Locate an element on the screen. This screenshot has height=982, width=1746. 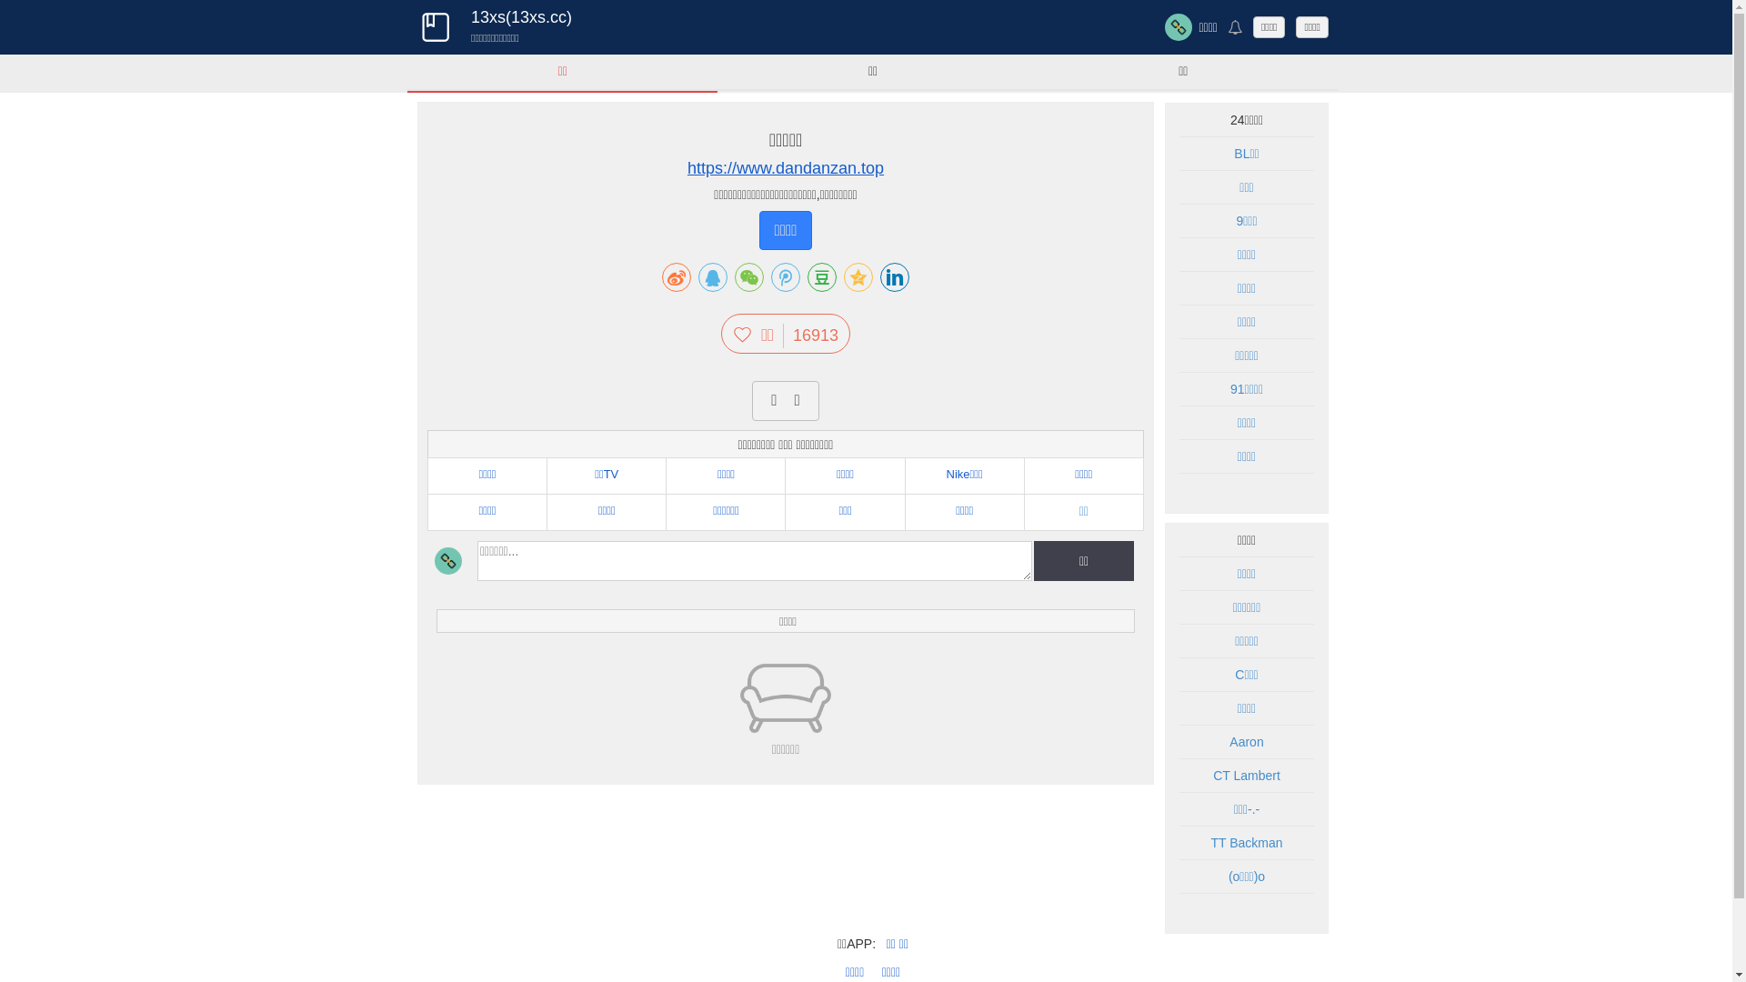
'13xs(13xs.cc)' is located at coordinates (520, 17).